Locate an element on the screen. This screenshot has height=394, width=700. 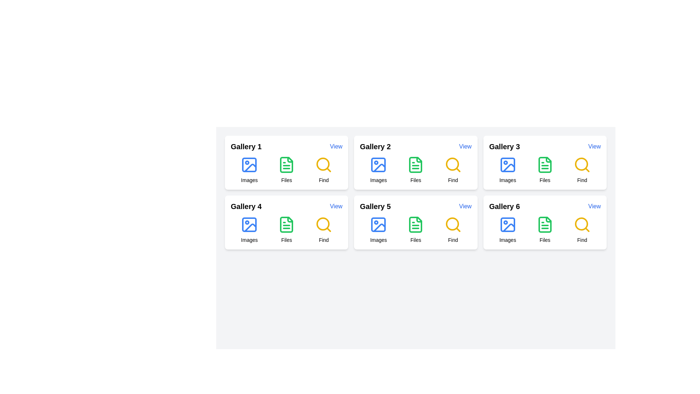
the 'Gallery 5' title located in the bottom-left card of a 2x3 grid layout, which is displayed in bold black font is located at coordinates (416, 206).